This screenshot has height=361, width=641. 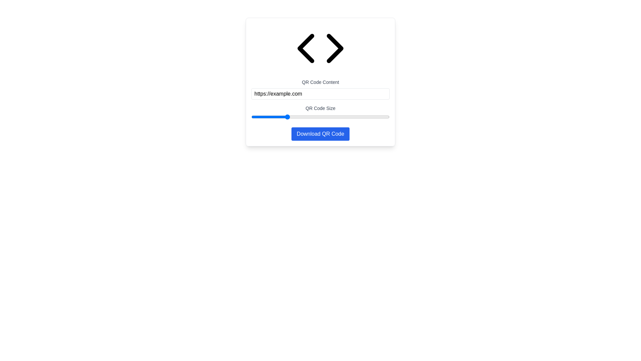 What do you see at coordinates (281, 117) in the screenshot?
I see `QR code size` at bounding box center [281, 117].